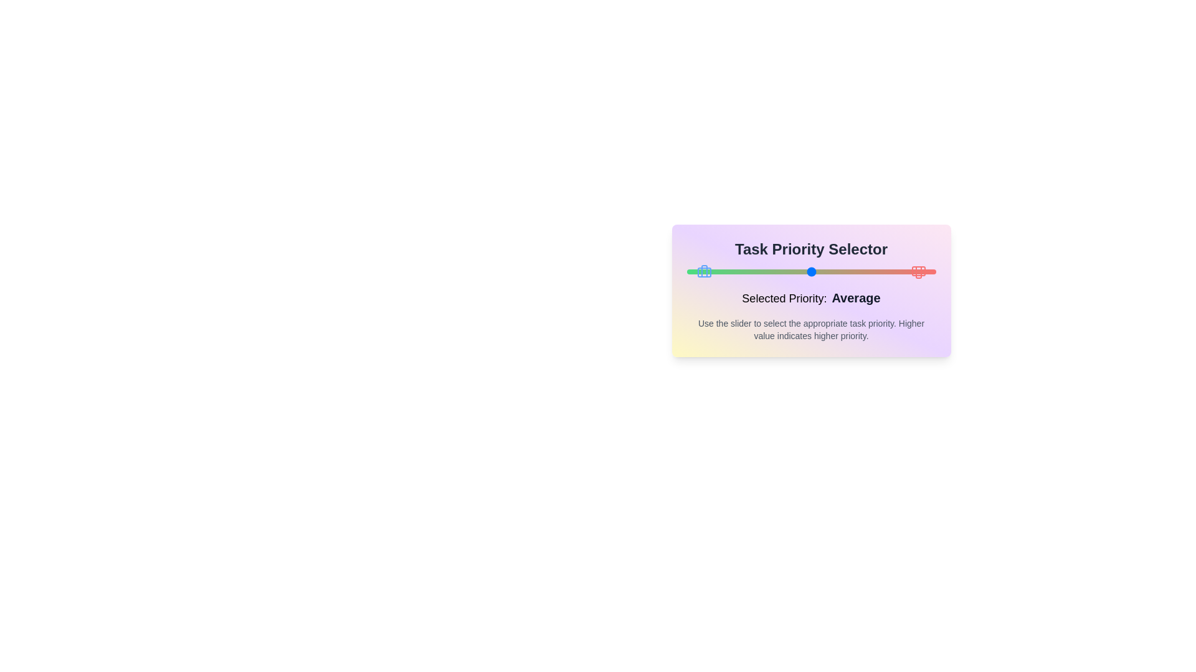  Describe the element at coordinates (873, 271) in the screenshot. I see `the slider to set the priority to 4` at that location.